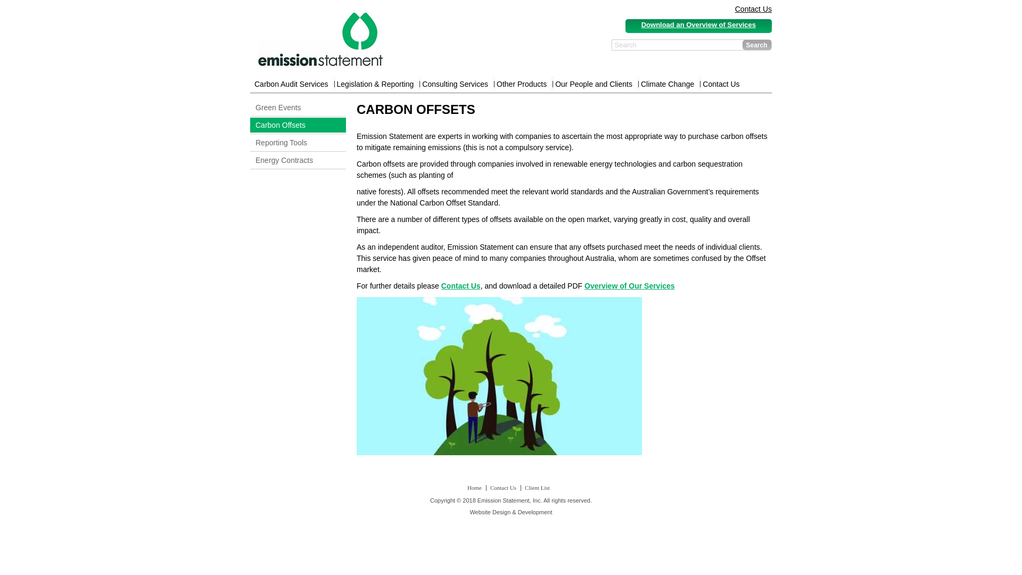 The image size is (1022, 575). Describe the element at coordinates (298, 107) in the screenshot. I see `'Green Events'` at that location.